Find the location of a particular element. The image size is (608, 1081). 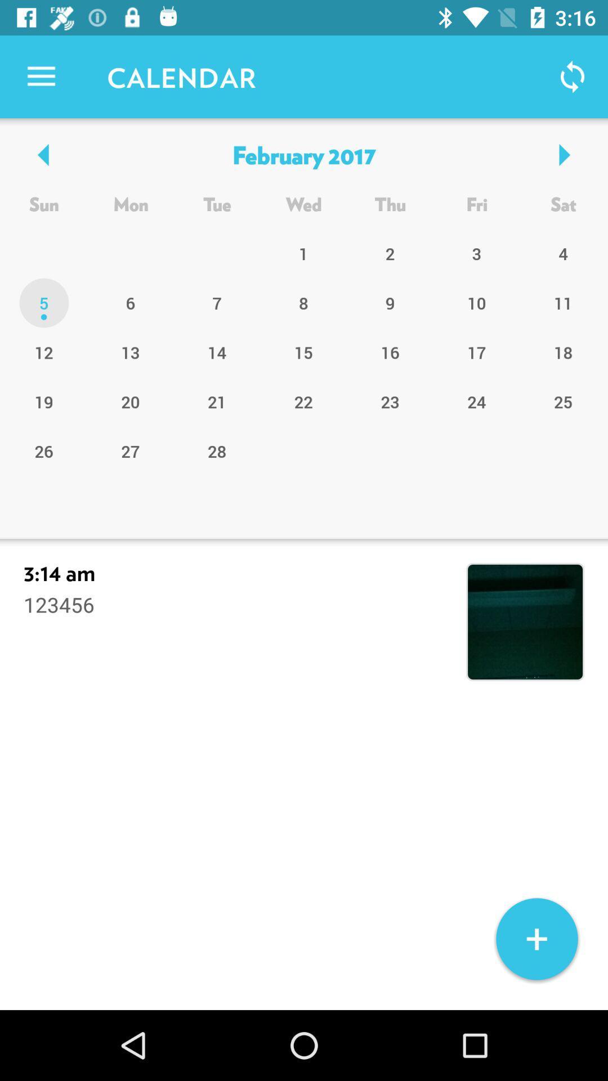

the item to the left of 20 item is located at coordinates (43, 451).